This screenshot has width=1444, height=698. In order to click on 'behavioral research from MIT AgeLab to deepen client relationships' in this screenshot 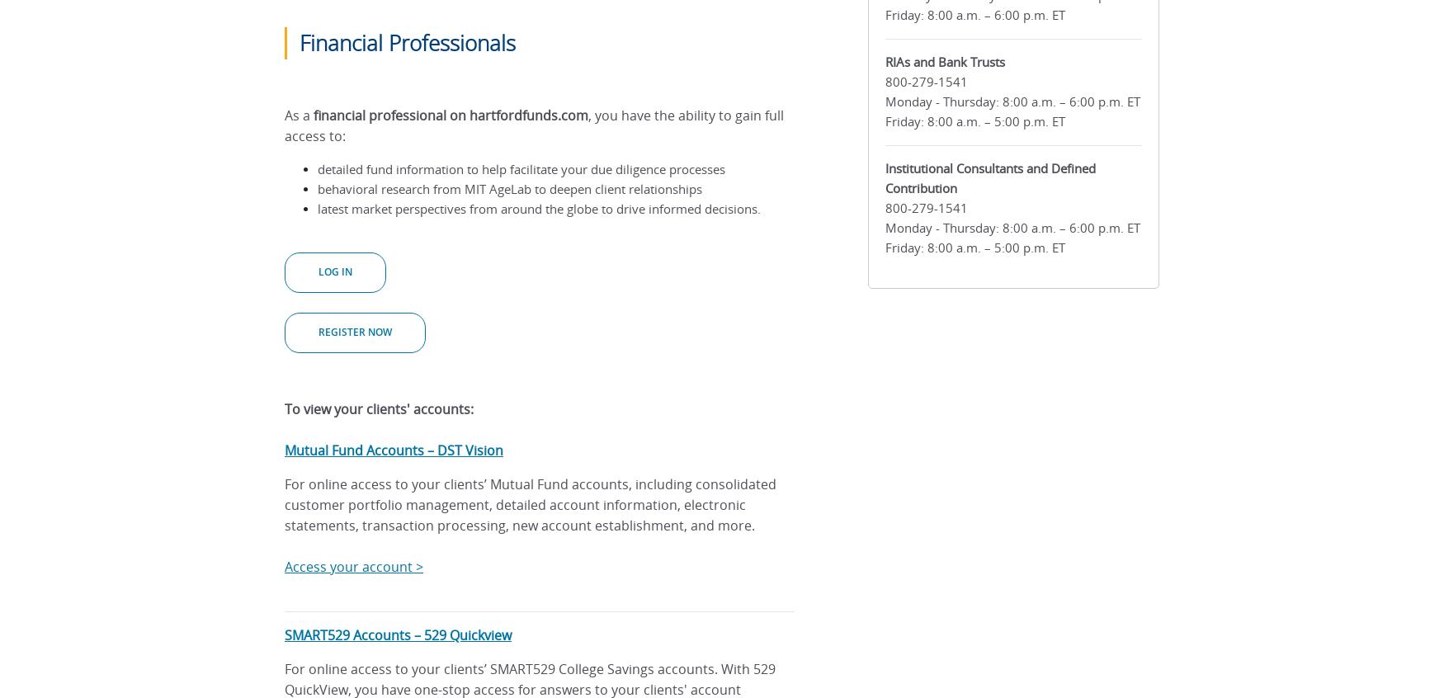, I will do `click(509, 189)`.